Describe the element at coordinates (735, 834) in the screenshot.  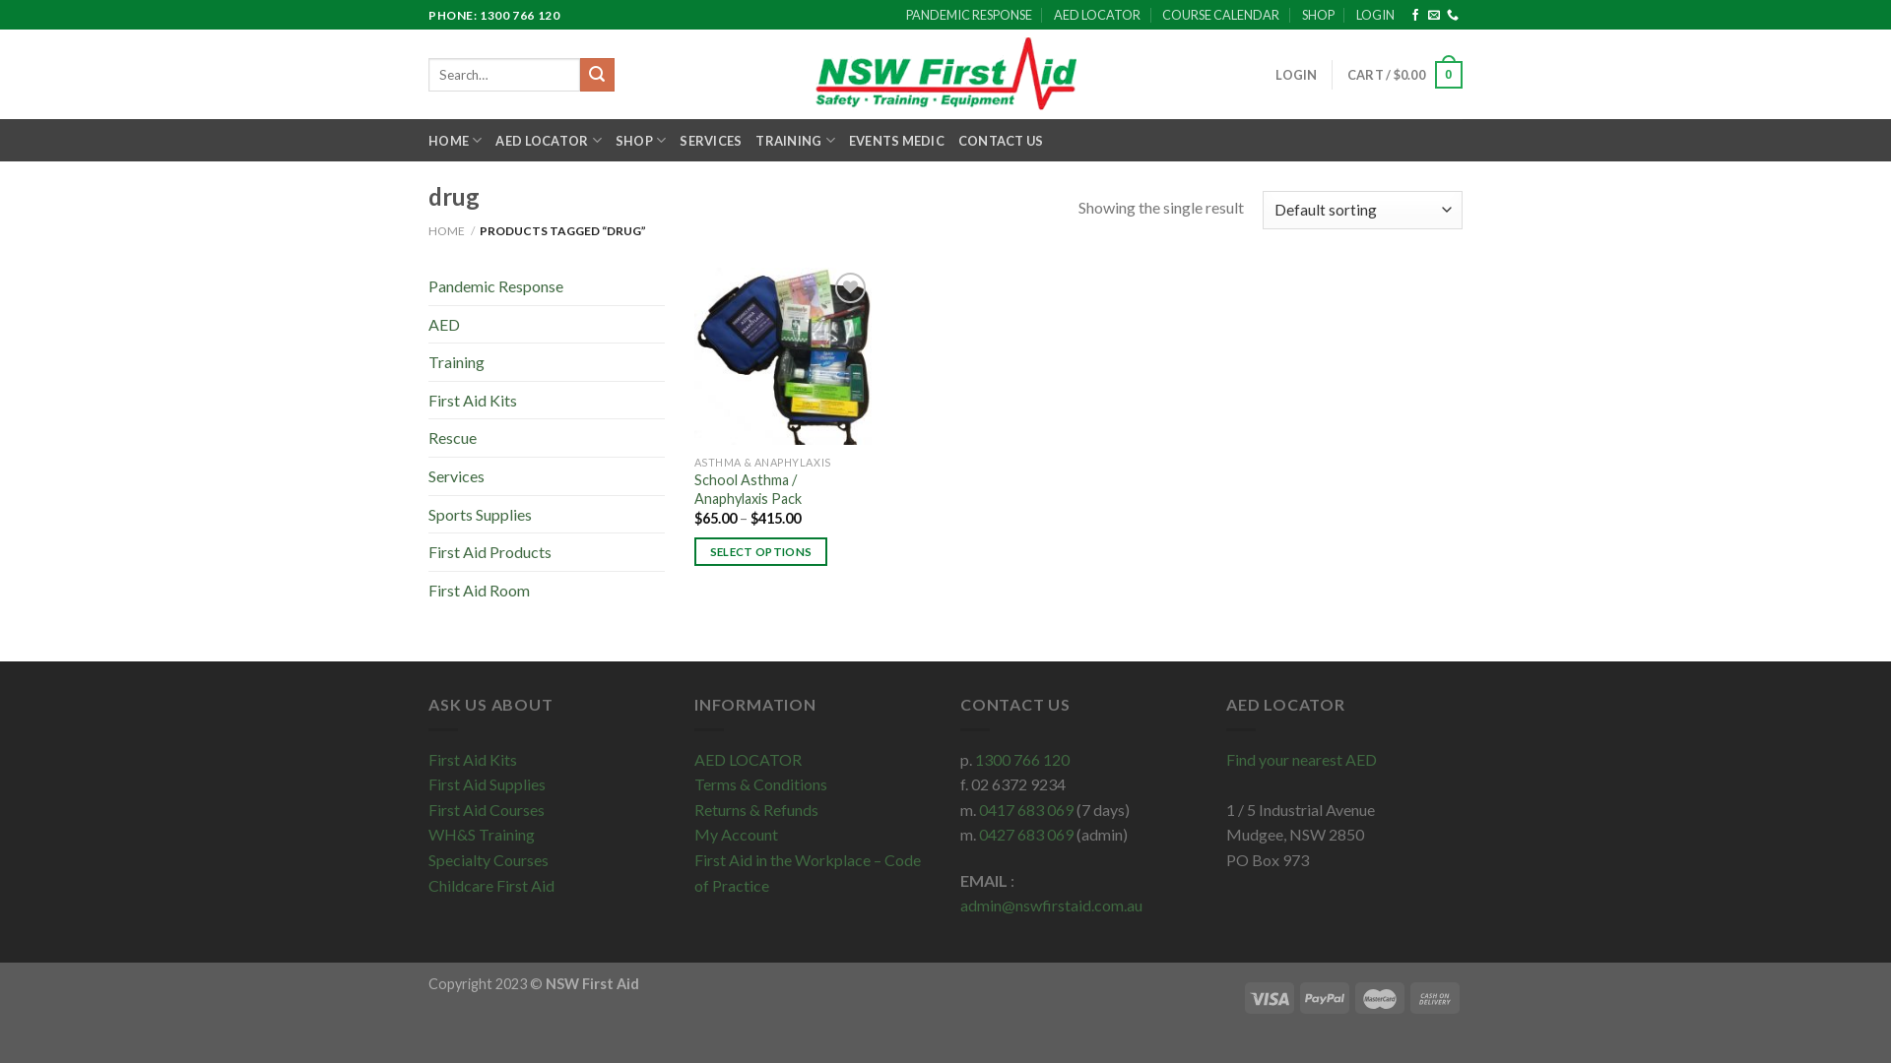
I see `'My Account'` at that location.